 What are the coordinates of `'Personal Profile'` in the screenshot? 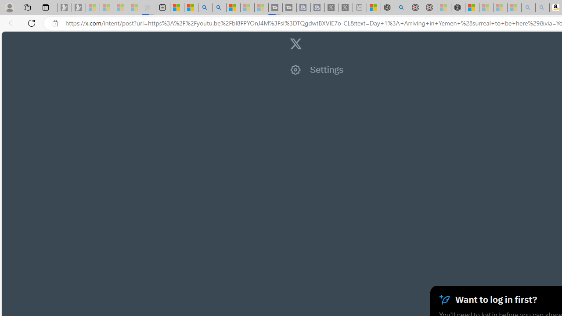 It's located at (9, 7).